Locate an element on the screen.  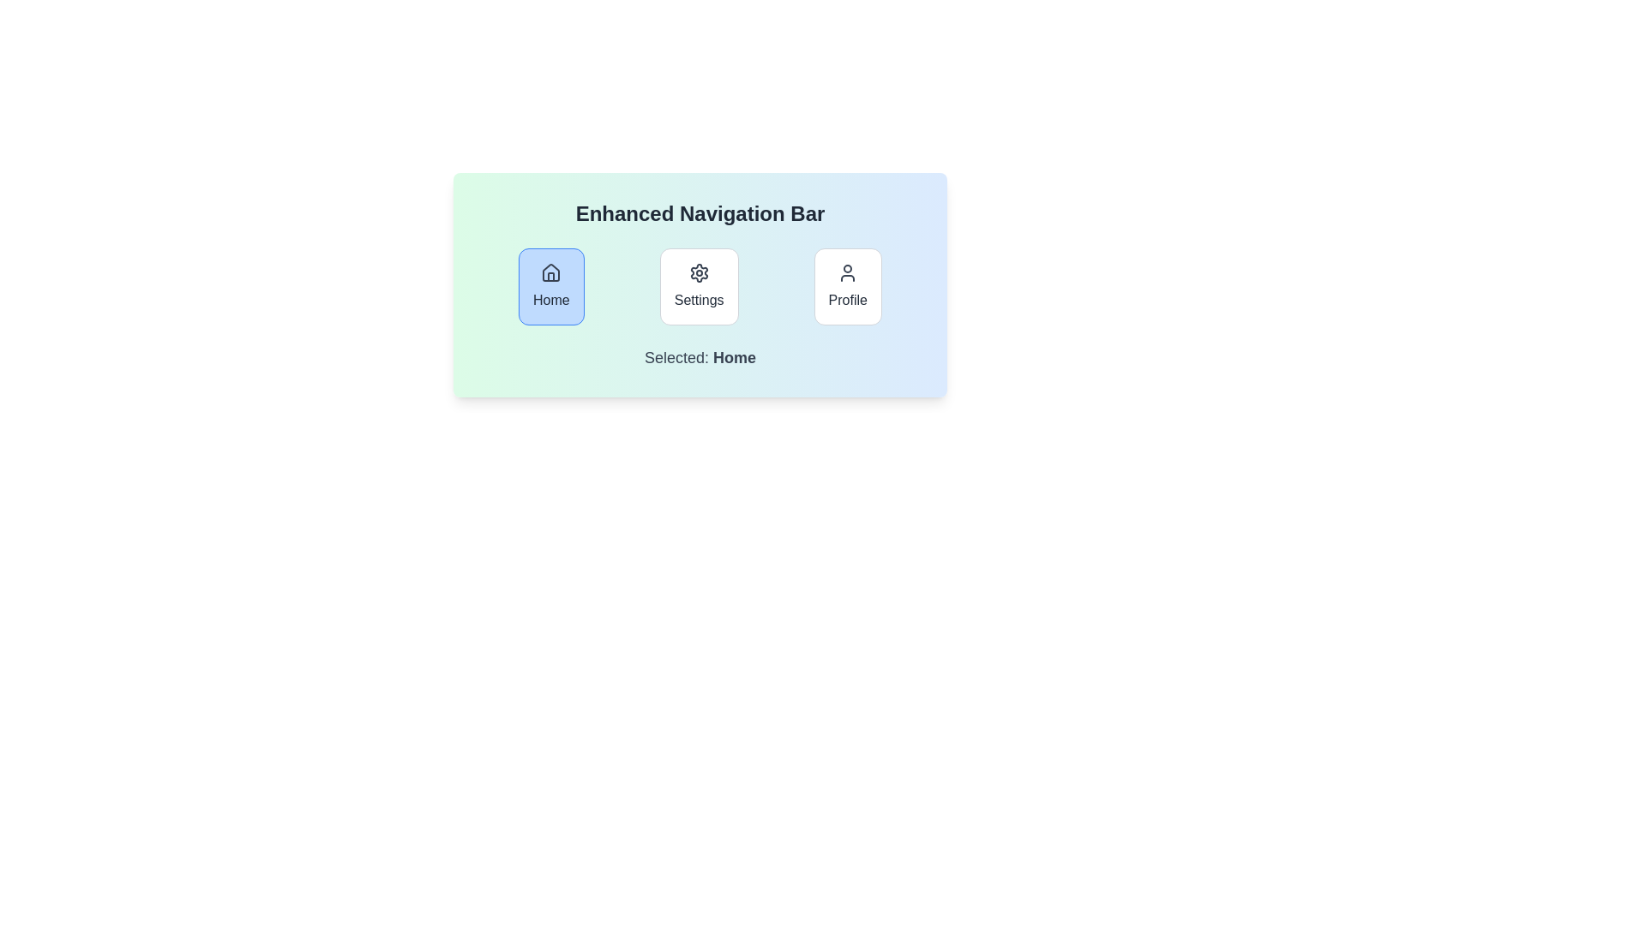
the Icon button located in the center of the interface, between the 'Home' and 'Profile' buttons is located at coordinates (699, 272).